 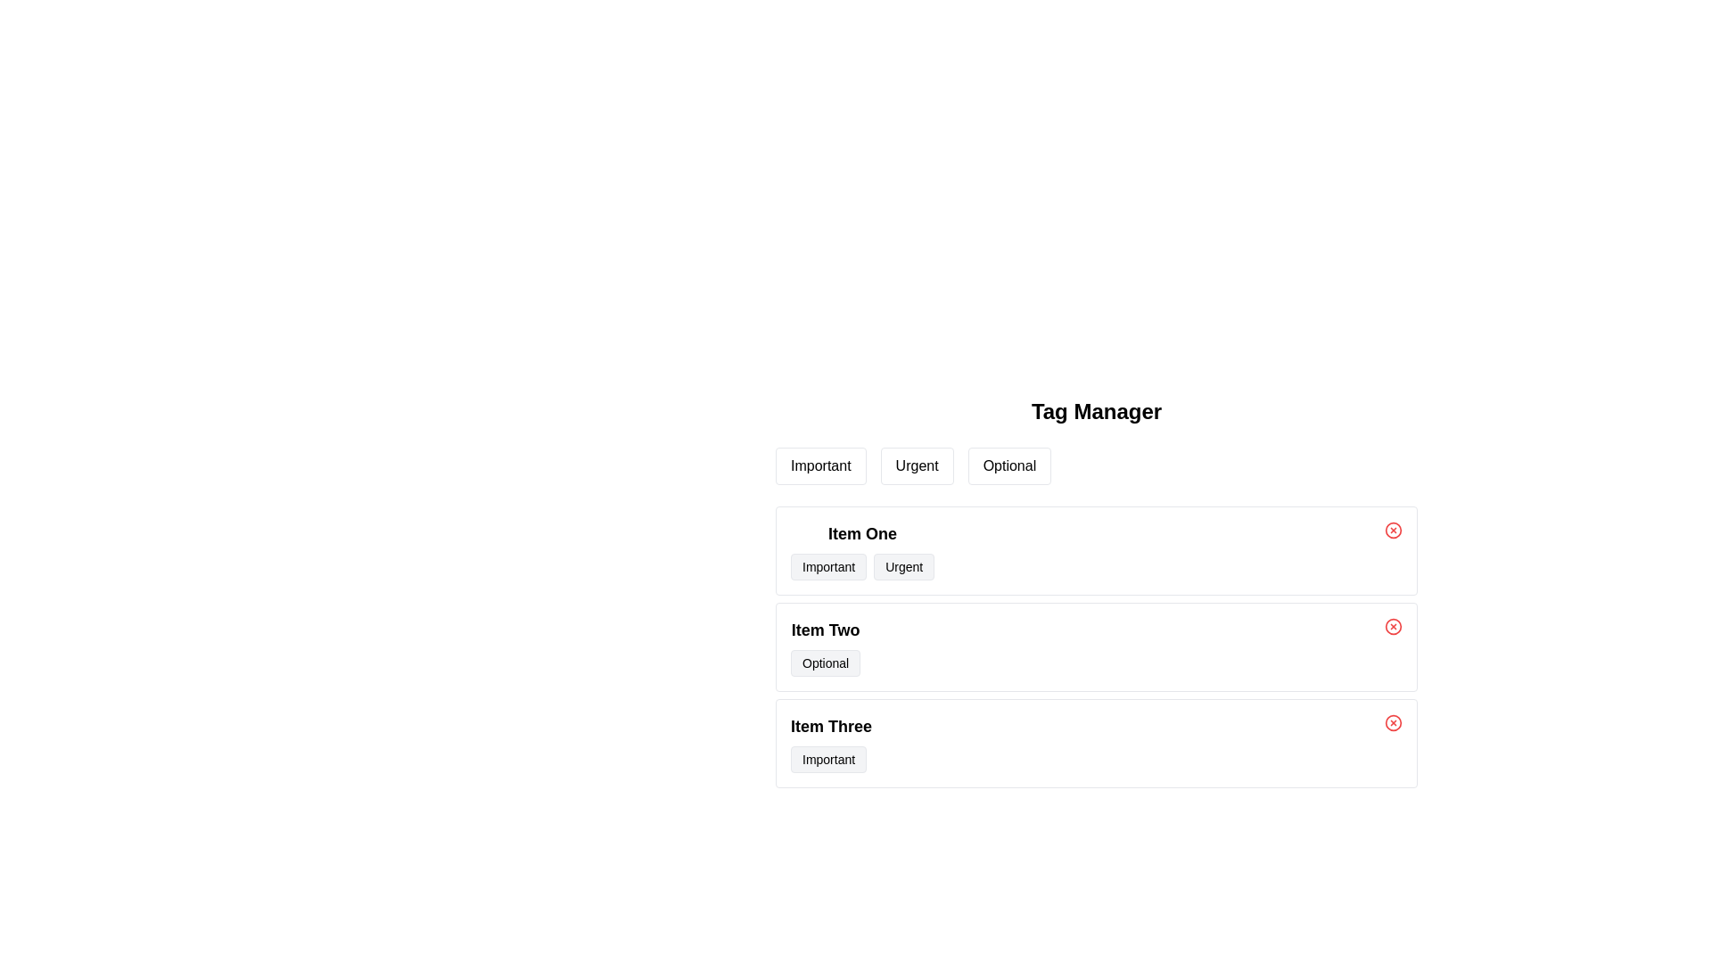 What do you see at coordinates (1095, 743) in the screenshot?
I see `the third item card in a categorized list, which is positioned below 'Item Two' and towards the center right of the interface` at bounding box center [1095, 743].